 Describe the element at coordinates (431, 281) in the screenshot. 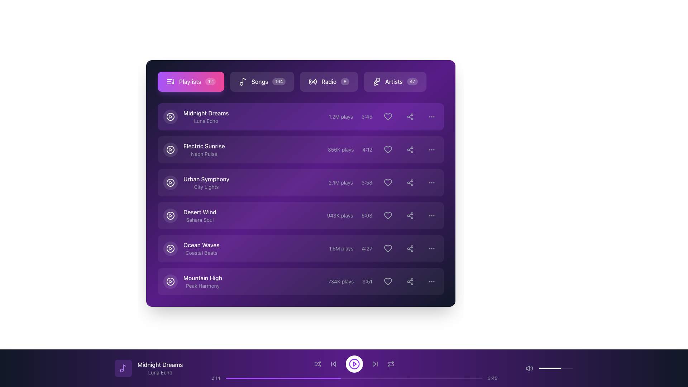

I see `the button located at the far right end of the row labeled 'Mountain High' to customize options` at that location.